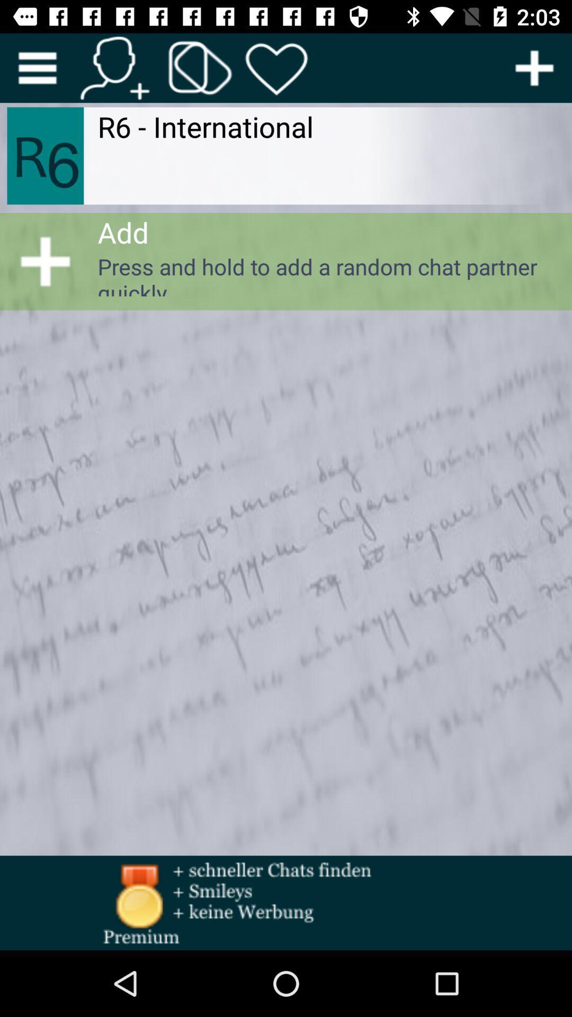  Describe the element at coordinates (37, 67) in the screenshot. I see `more` at that location.